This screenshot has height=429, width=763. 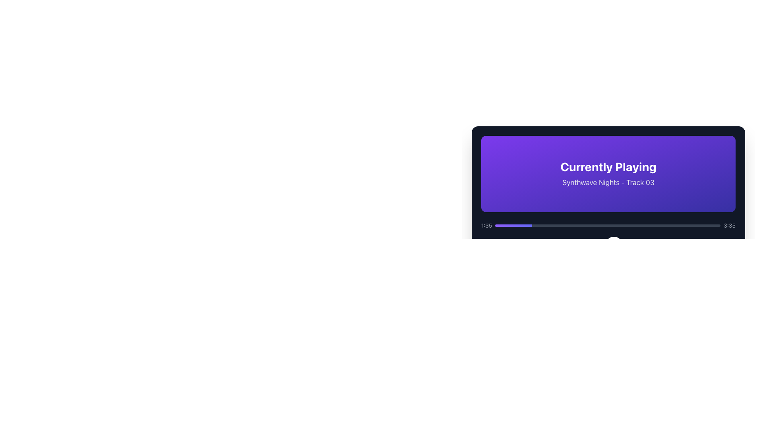 What do you see at coordinates (498, 314) in the screenshot?
I see `the musical note icon element located near the bottom right corner of the interface, slightly above the time indicator` at bounding box center [498, 314].